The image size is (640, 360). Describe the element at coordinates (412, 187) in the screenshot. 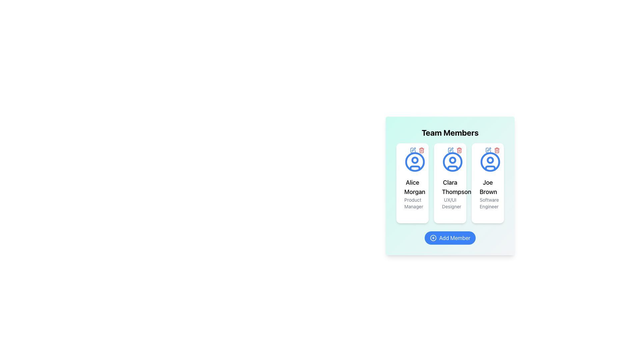

I see `the text label that displays the name of the individual in the first card of the 'Team Members' section, located above 'Product Manager' and below the circular user icon` at that location.